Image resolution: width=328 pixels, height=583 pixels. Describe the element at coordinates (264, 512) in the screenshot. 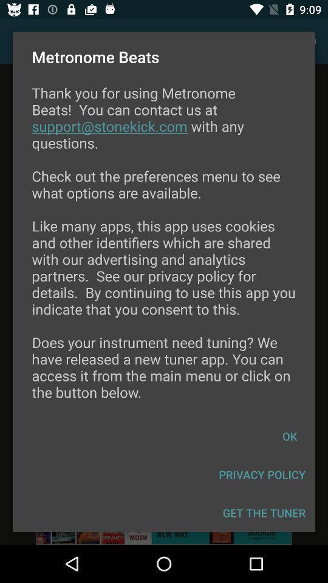

I see `the icon below the privacy policy` at that location.